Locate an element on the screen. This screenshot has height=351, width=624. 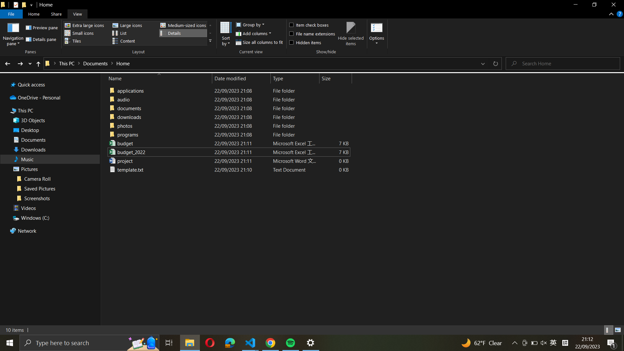
Shut down the current window with help of "close_window" button is located at coordinates (613, 6).